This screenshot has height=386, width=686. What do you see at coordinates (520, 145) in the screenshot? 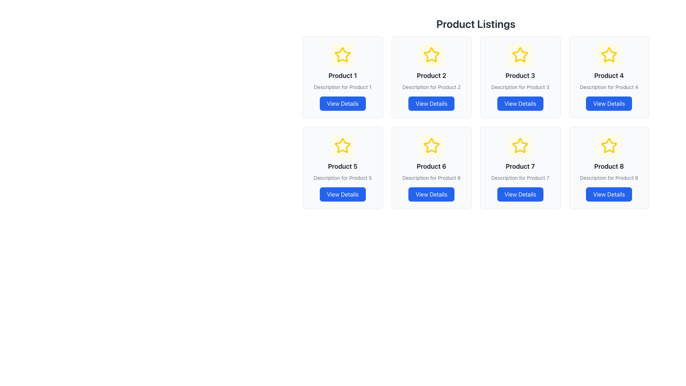
I see `the decorative icon located at the top center of the seventh product card under the 'Product Listings' section` at bounding box center [520, 145].